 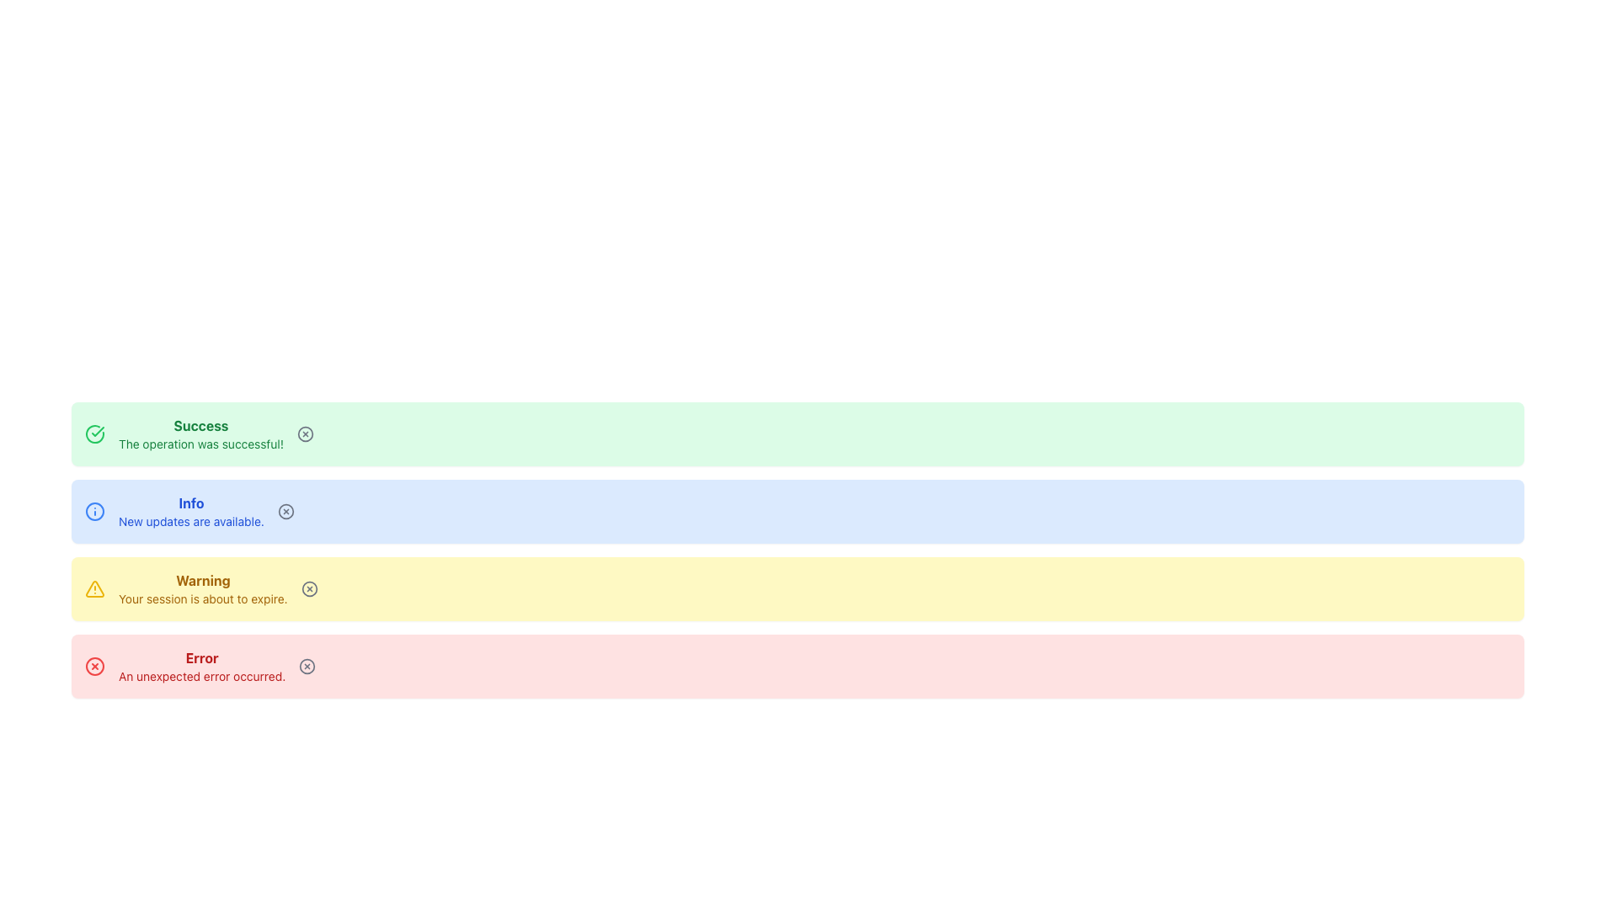 What do you see at coordinates (191, 502) in the screenshot?
I see `the bold title label within the light blue alert box that indicates updates, positioned above the text 'New updates are available.'` at bounding box center [191, 502].